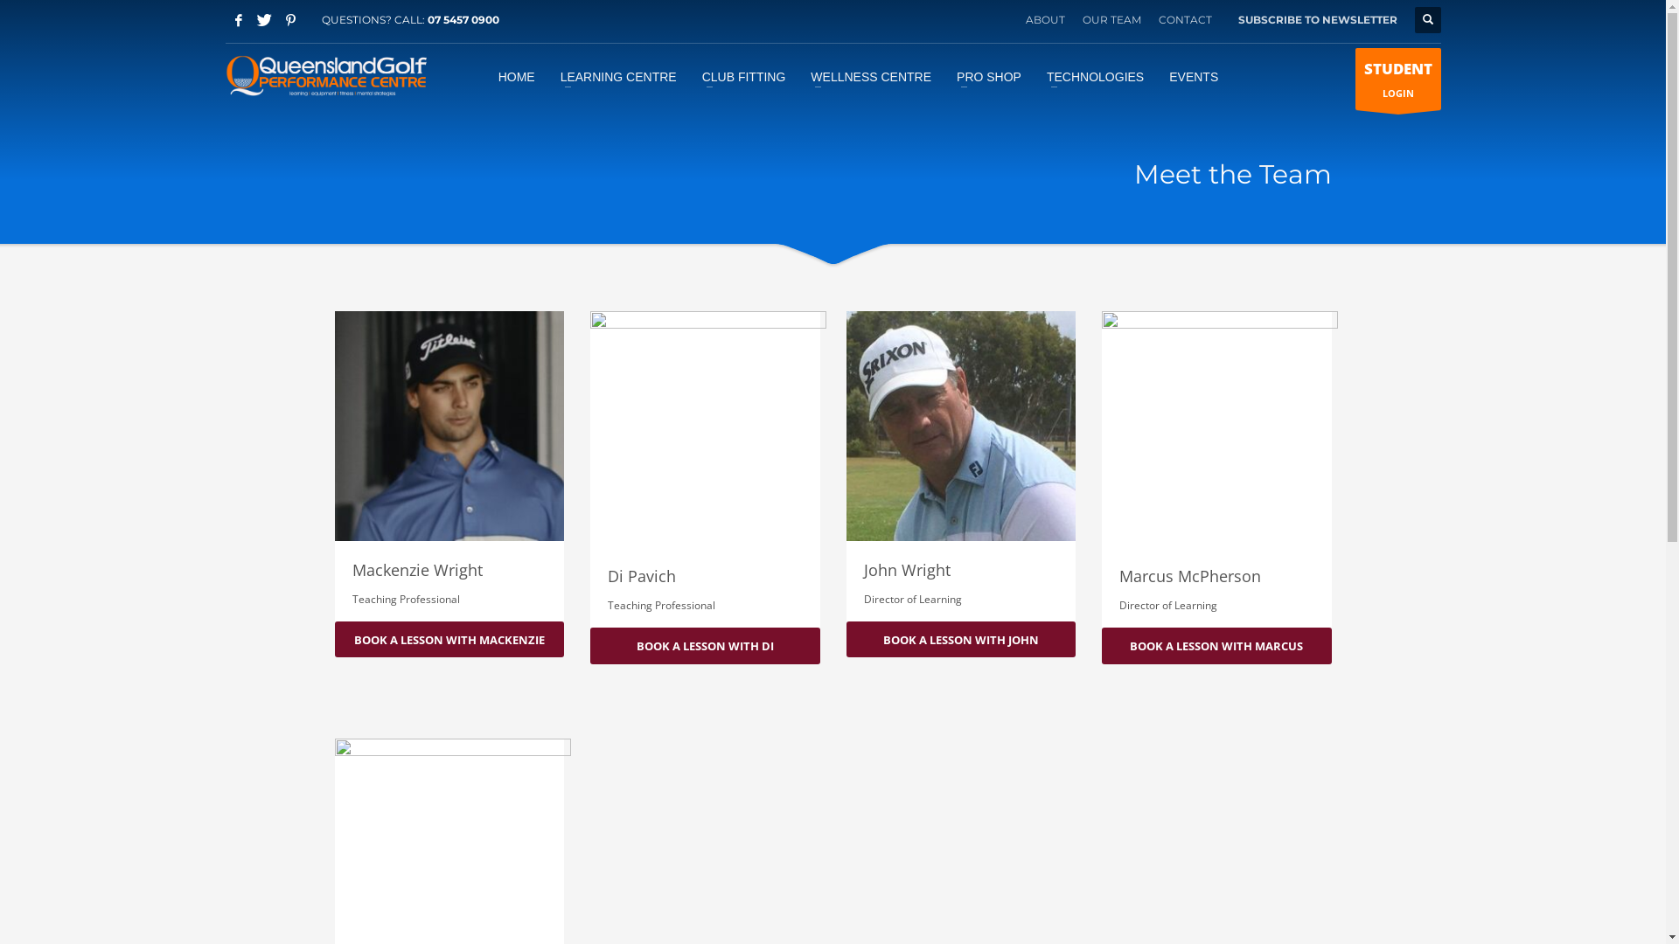  I want to click on 'PRO SHOP', so click(944, 75).